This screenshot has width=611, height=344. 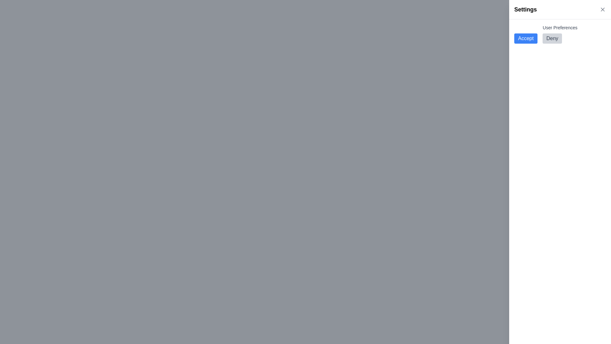 What do you see at coordinates (602, 10) in the screenshot?
I see `the close button icon located at the top-right corner of the 'Settings' header section` at bounding box center [602, 10].